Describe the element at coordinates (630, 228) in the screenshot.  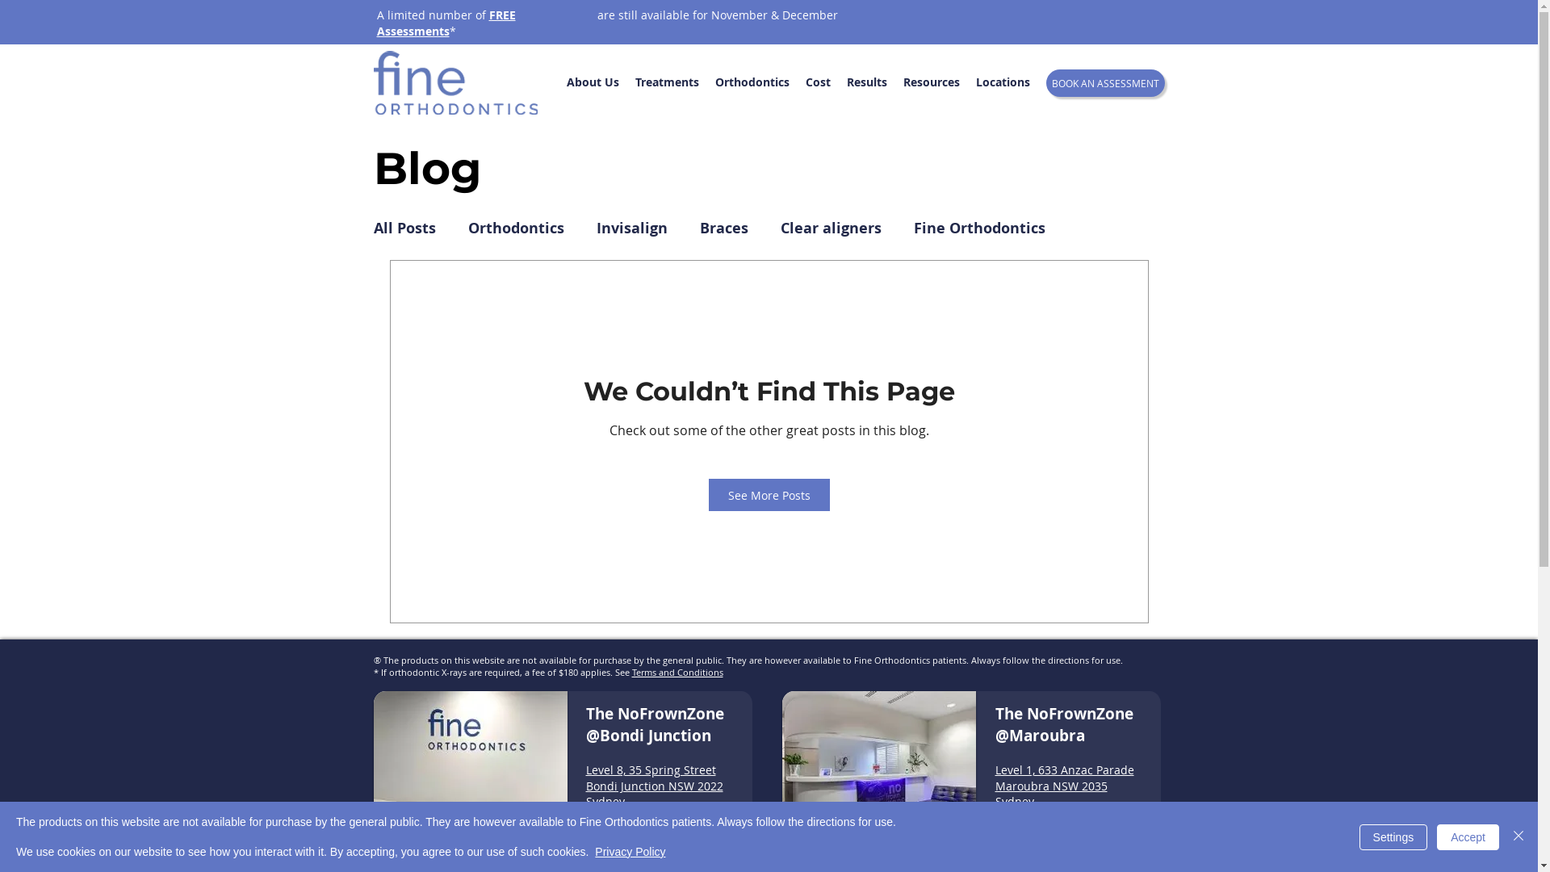
I see `'Invisalign'` at that location.